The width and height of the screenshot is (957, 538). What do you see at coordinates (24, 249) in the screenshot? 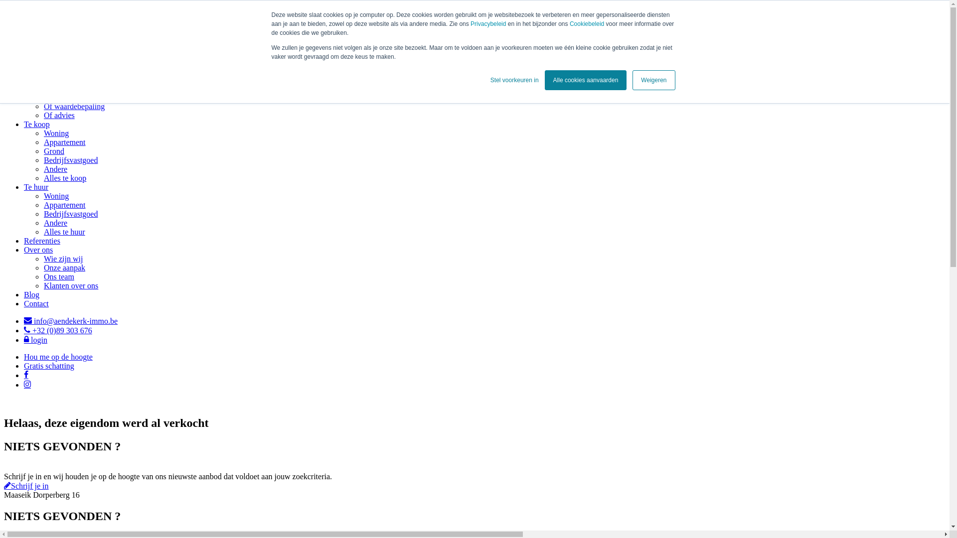
I see `'Over ons'` at bounding box center [24, 249].